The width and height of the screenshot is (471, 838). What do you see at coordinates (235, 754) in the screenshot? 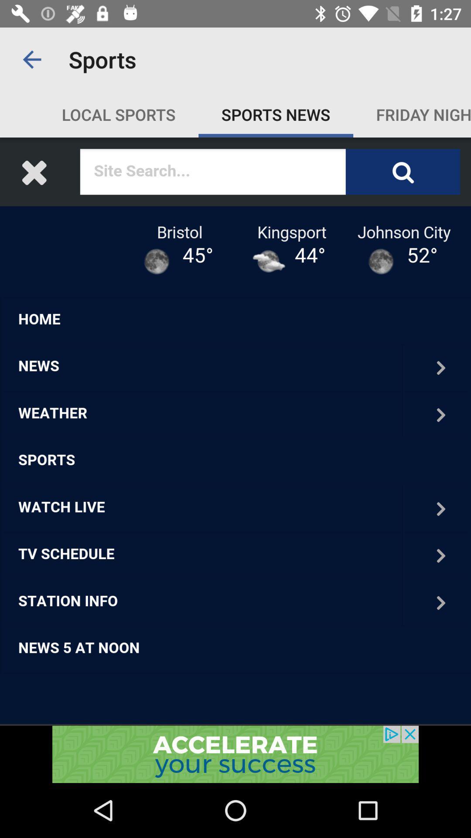
I see `go` at bounding box center [235, 754].